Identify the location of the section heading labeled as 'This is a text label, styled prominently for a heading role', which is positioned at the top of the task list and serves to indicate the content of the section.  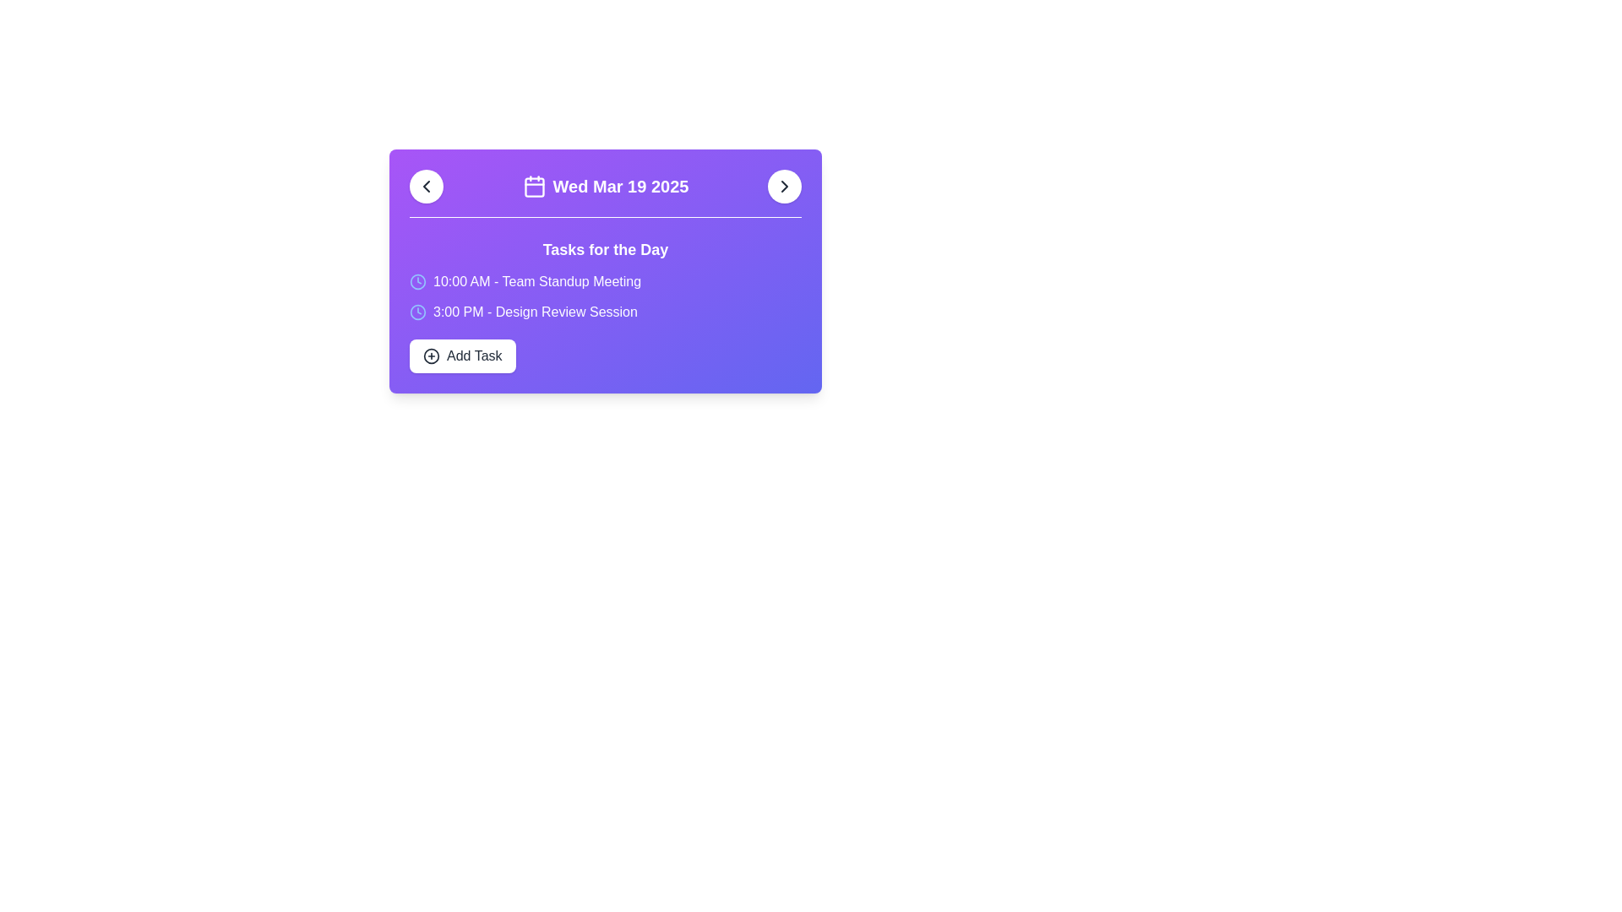
(605, 250).